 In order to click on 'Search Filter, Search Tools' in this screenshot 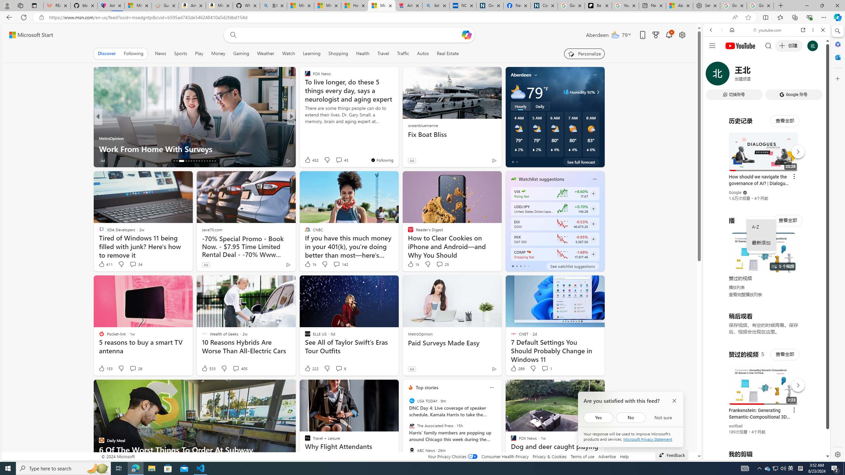, I will do `click(783, 75)`.